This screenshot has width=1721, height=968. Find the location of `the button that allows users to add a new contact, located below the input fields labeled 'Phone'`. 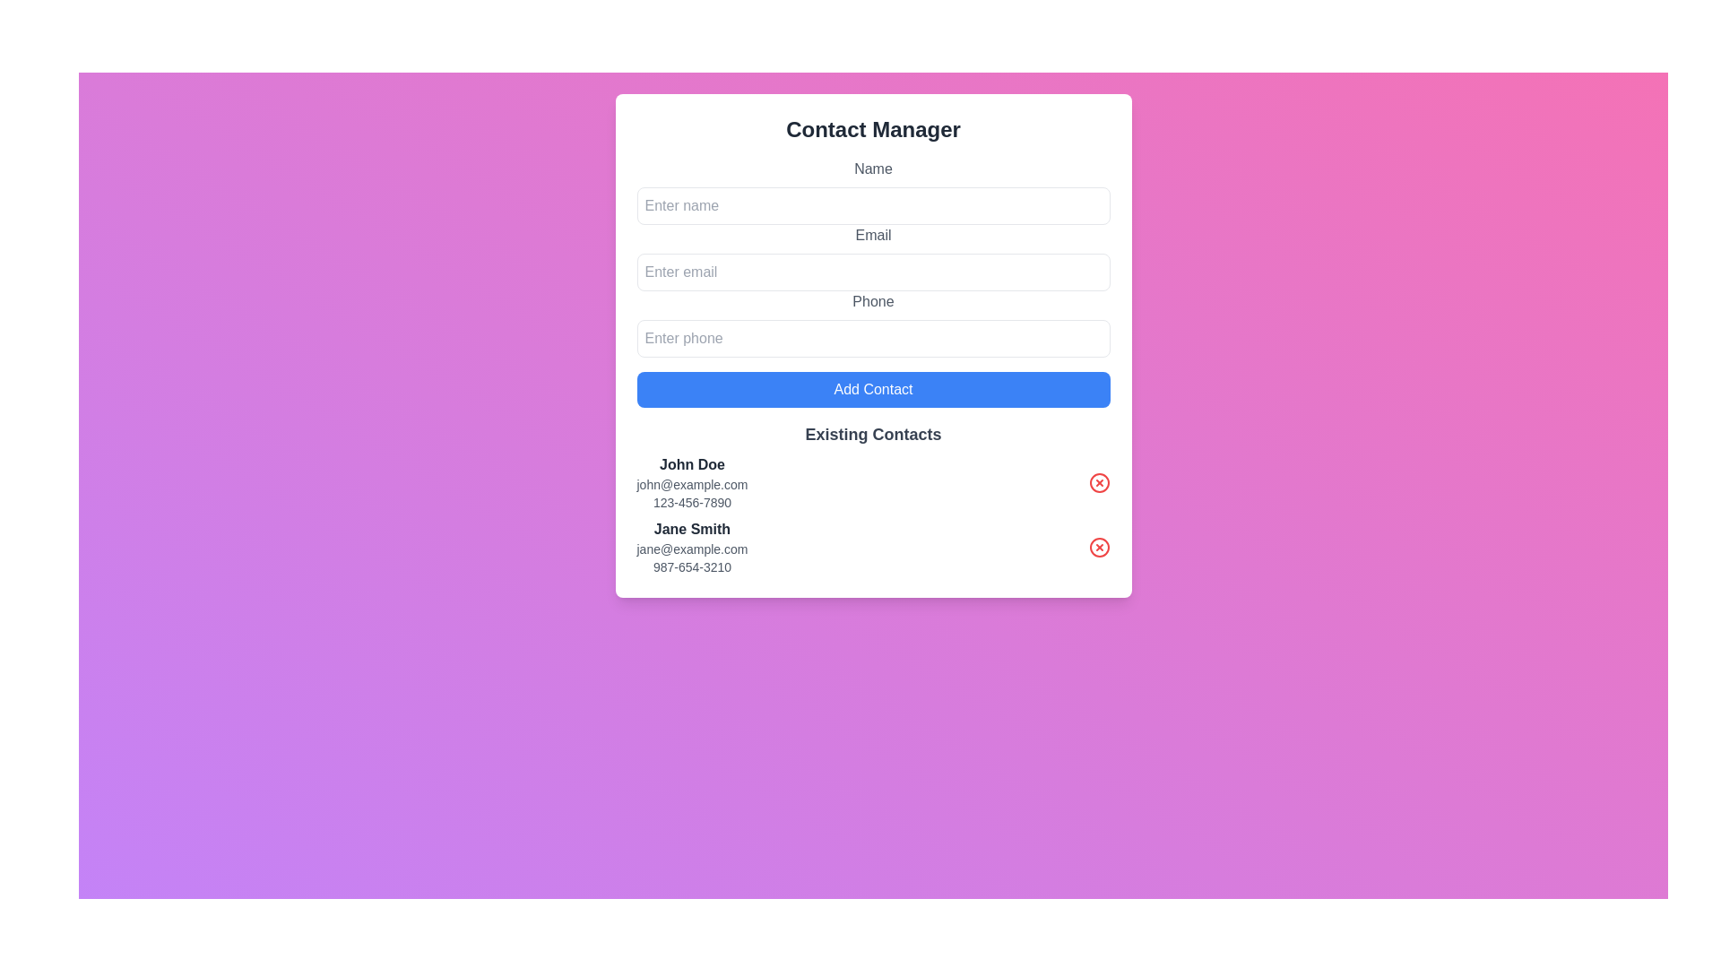

the button that allows users to add a new contact, located below the input fields labeled 'Phone' is located at coordinates (873, 389).